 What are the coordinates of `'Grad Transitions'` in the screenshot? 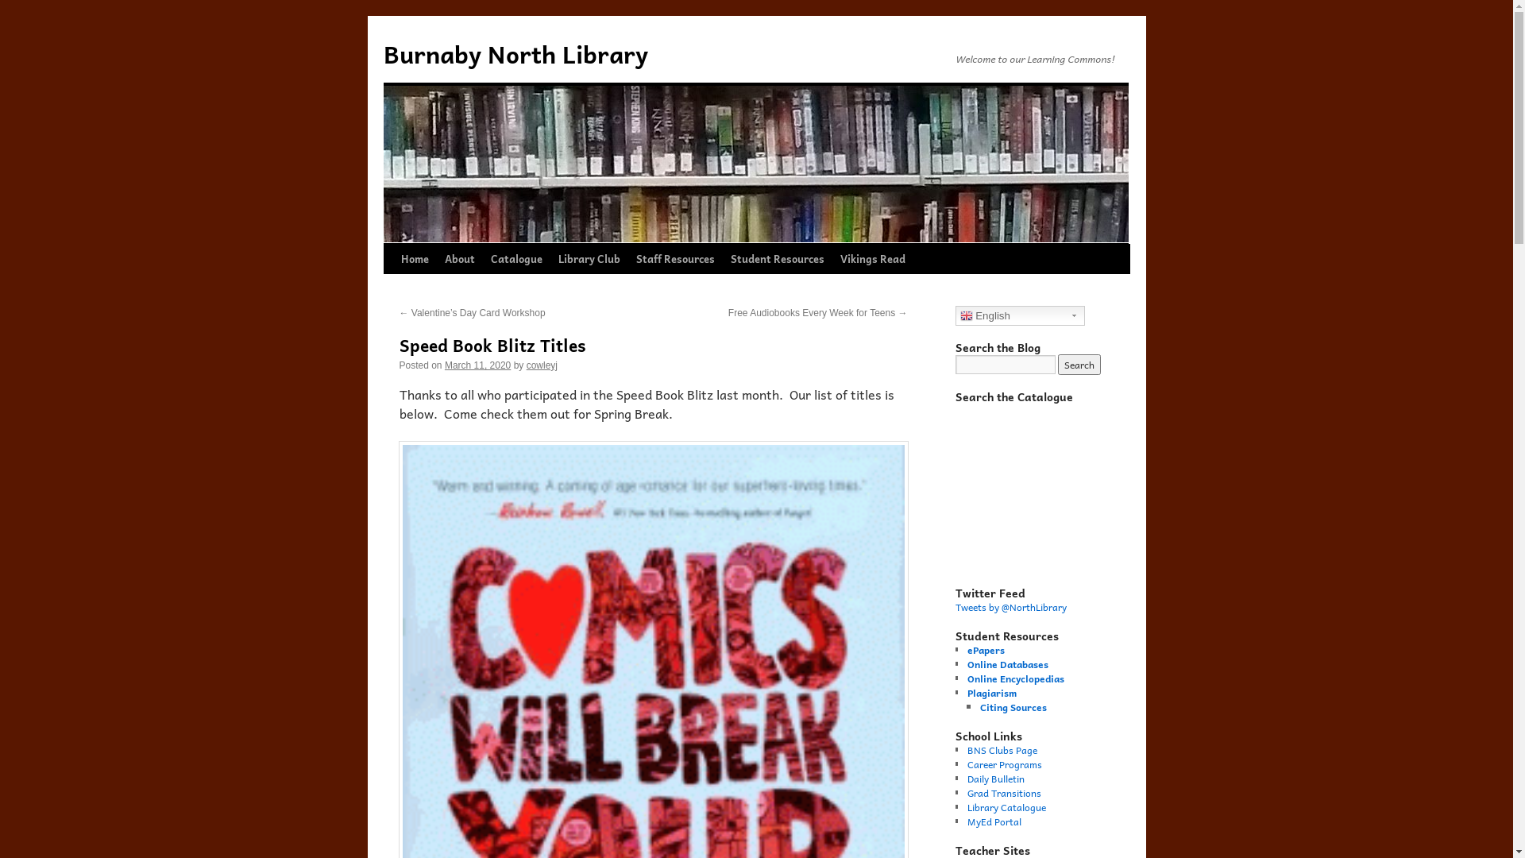 It's located at (1003, 793).